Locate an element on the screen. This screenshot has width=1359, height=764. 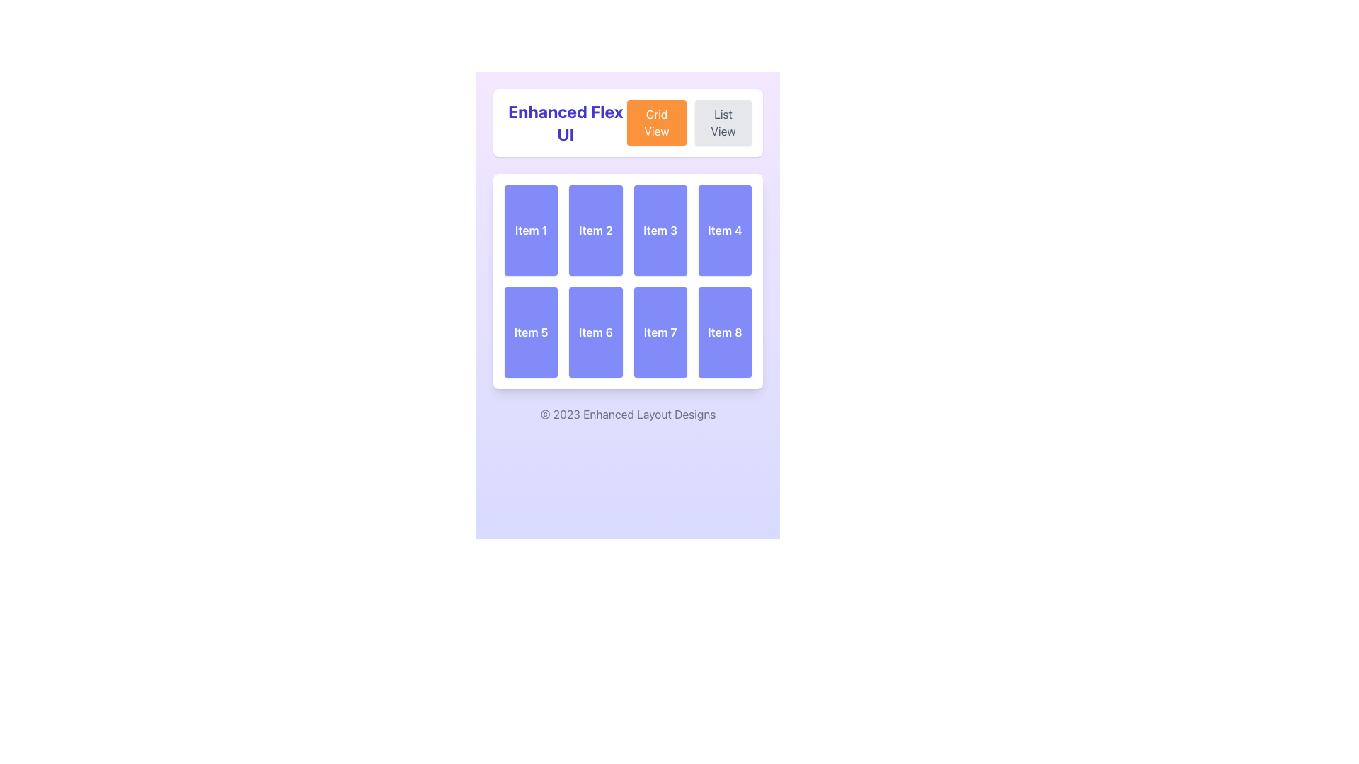
the eighth grid item in the second row and fourth column is located at coordinates (725, 332).